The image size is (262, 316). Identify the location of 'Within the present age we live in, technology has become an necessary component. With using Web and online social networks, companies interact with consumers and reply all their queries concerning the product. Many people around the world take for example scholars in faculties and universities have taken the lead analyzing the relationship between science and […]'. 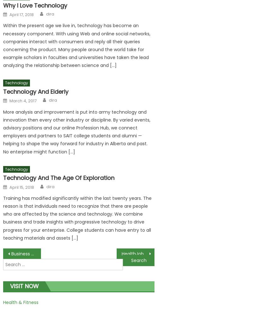
(76, 45).